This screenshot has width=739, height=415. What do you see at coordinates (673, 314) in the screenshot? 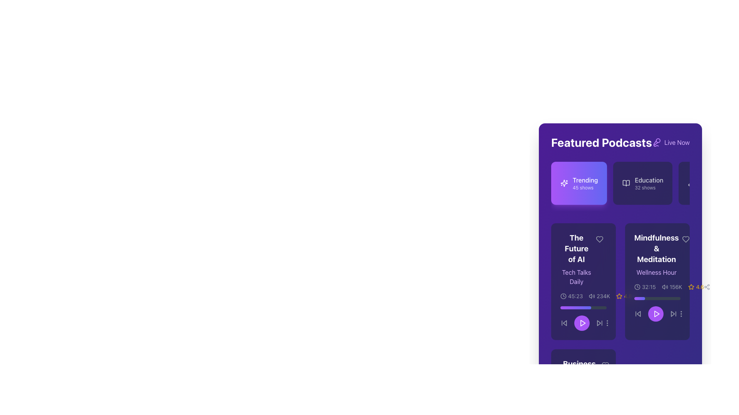
I see `the right-facing double arrow icon button to skip forward in the playback interface of the 'Mindfulness & Meditation' podcast card` at bounding box center [673, 314].